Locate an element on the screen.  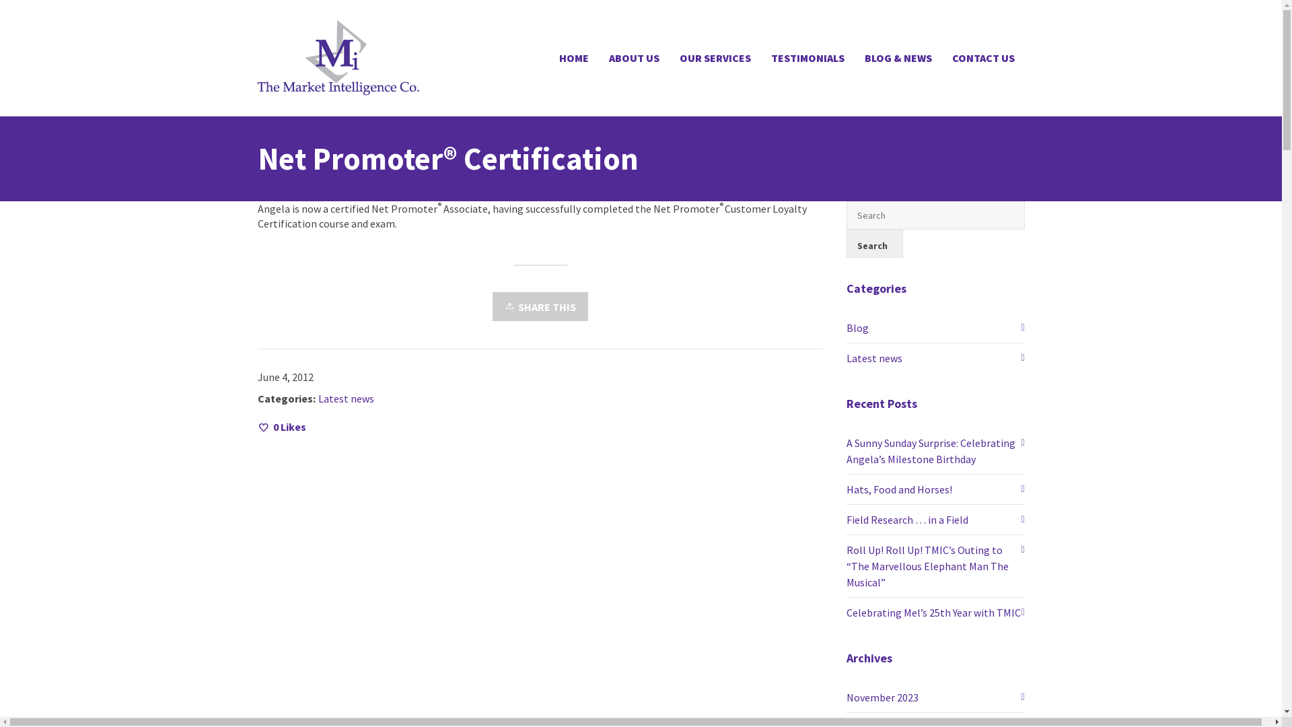
'Hats, Food and Horses!' is located at coordinates (935, 489).